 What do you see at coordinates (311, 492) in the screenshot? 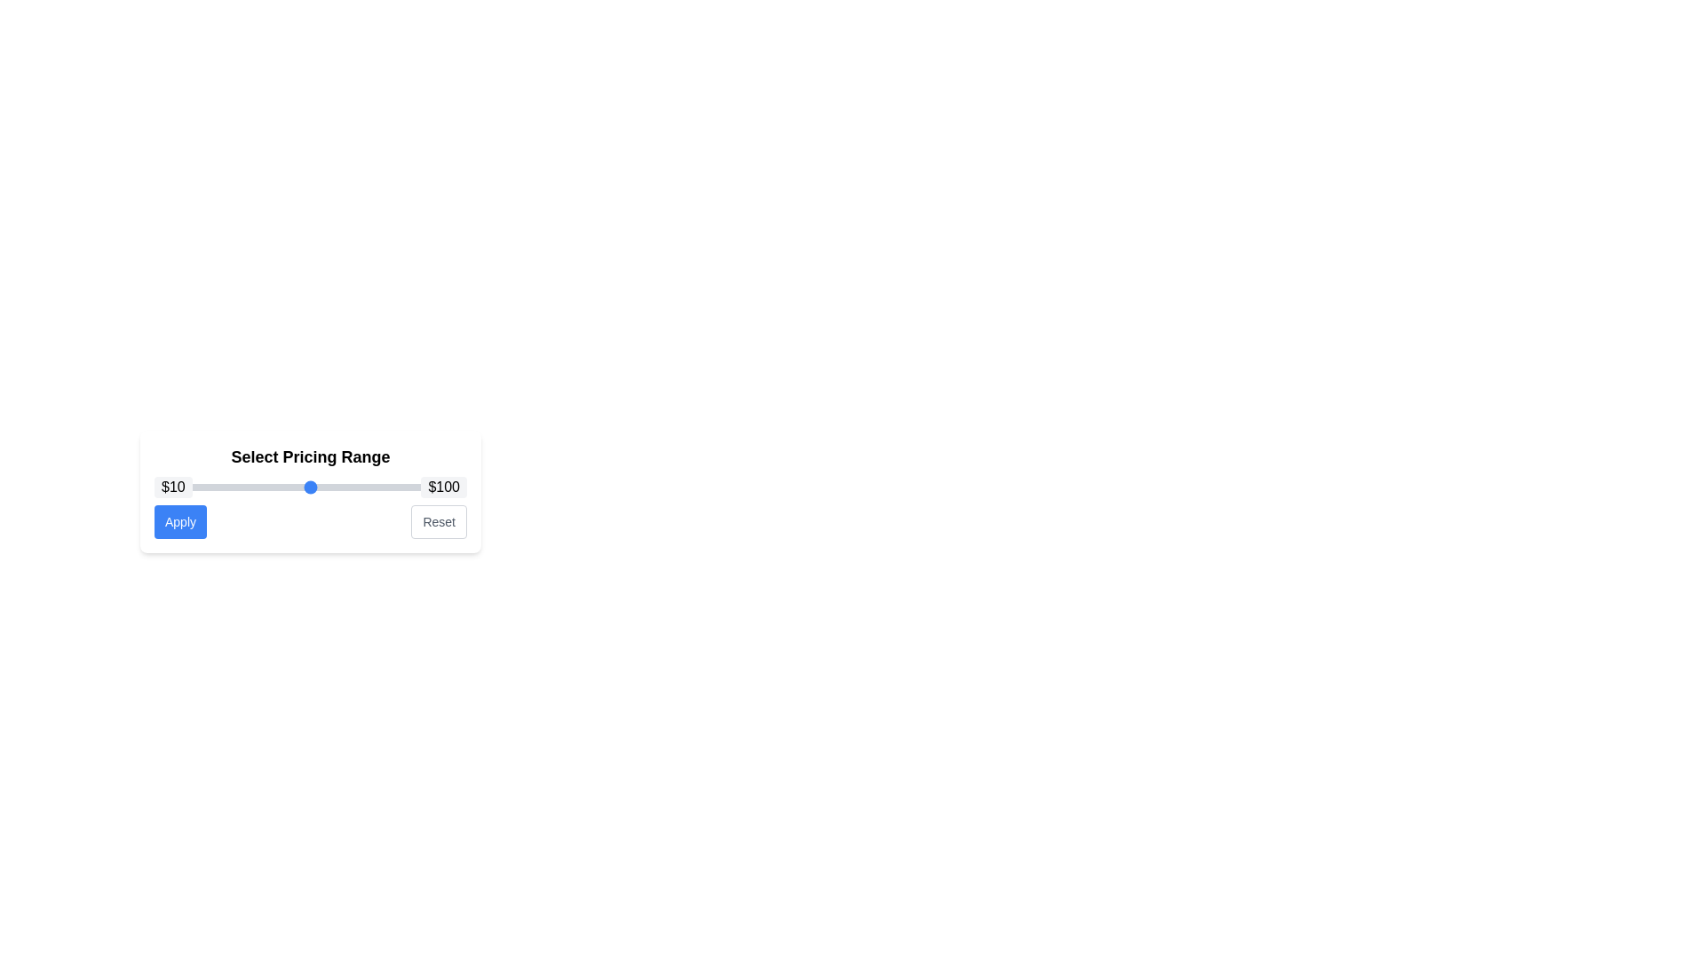
I see `the slider component of the Pricing range selector widget titled 'Select Pricing Range', which features a white background, rounded corners, and labels for $10 and $100` at bounding box center [311, 492].